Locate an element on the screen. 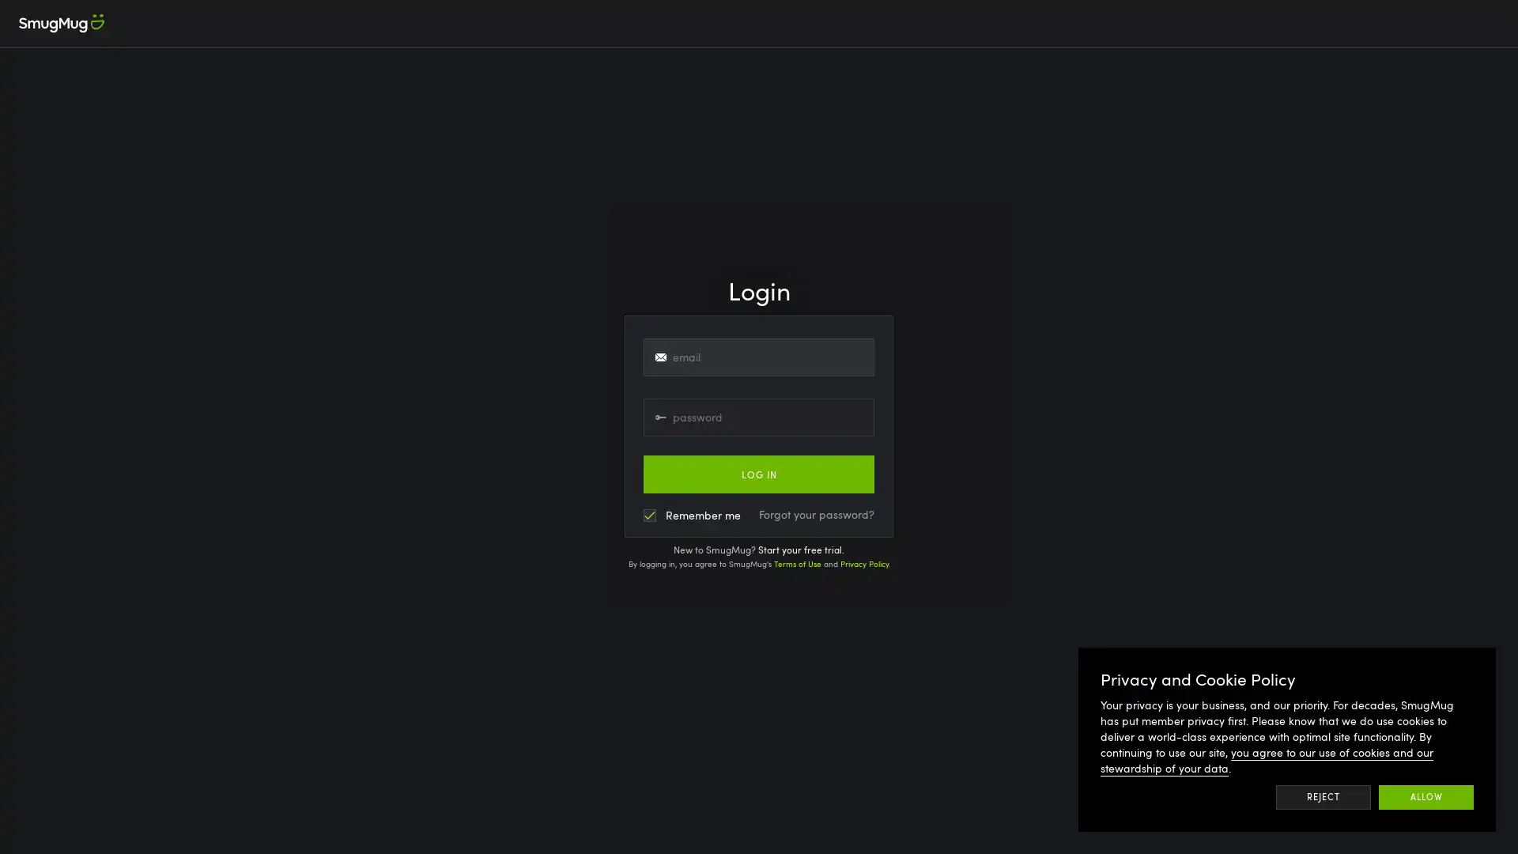 This screenshot has width=1518, height=854. ALLOW is located at coordinates (1426, 796).